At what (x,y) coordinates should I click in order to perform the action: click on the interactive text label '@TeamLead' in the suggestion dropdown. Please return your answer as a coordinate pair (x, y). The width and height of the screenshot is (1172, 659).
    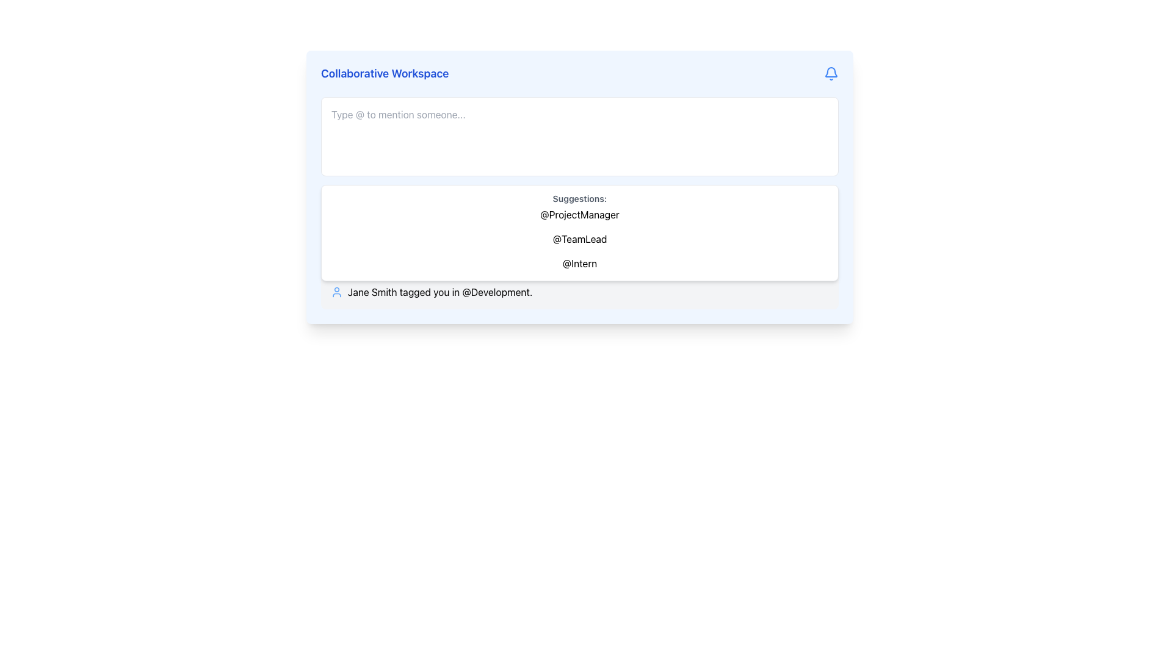
    Looking at the image, I should click on (579, 239).